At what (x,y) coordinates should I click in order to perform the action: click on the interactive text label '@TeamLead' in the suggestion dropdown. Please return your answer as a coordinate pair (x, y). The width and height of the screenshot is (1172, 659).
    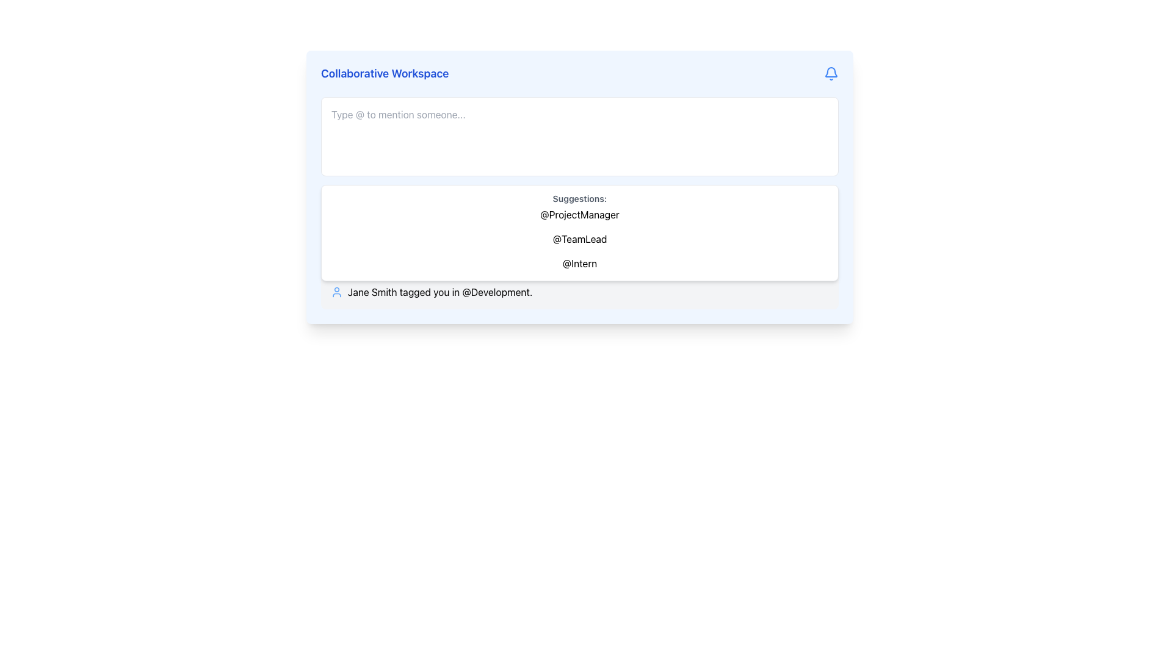
    Looking at the image, I should click on (579, 239).